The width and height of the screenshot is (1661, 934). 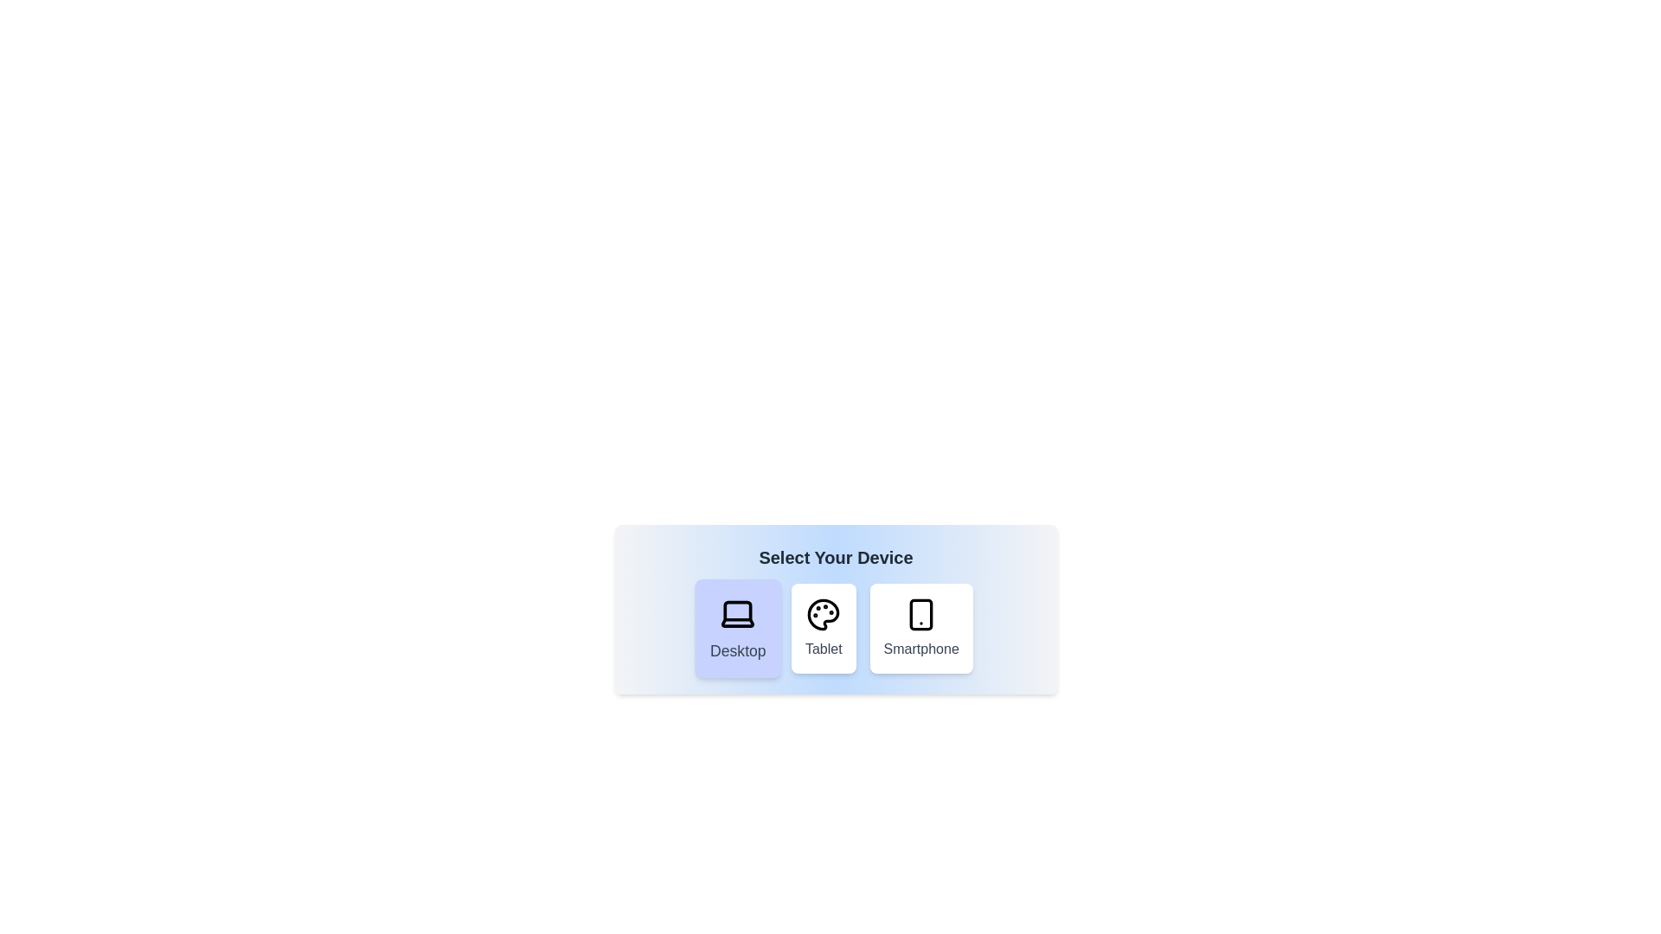 What do you see at coordinates (822, 649) in the screenshot?
I see `the text label UI component describing the device selection option 'Tablet', which is located directly below the palette icon in the central card of three horizontal options` at bounding box center [822, 649].